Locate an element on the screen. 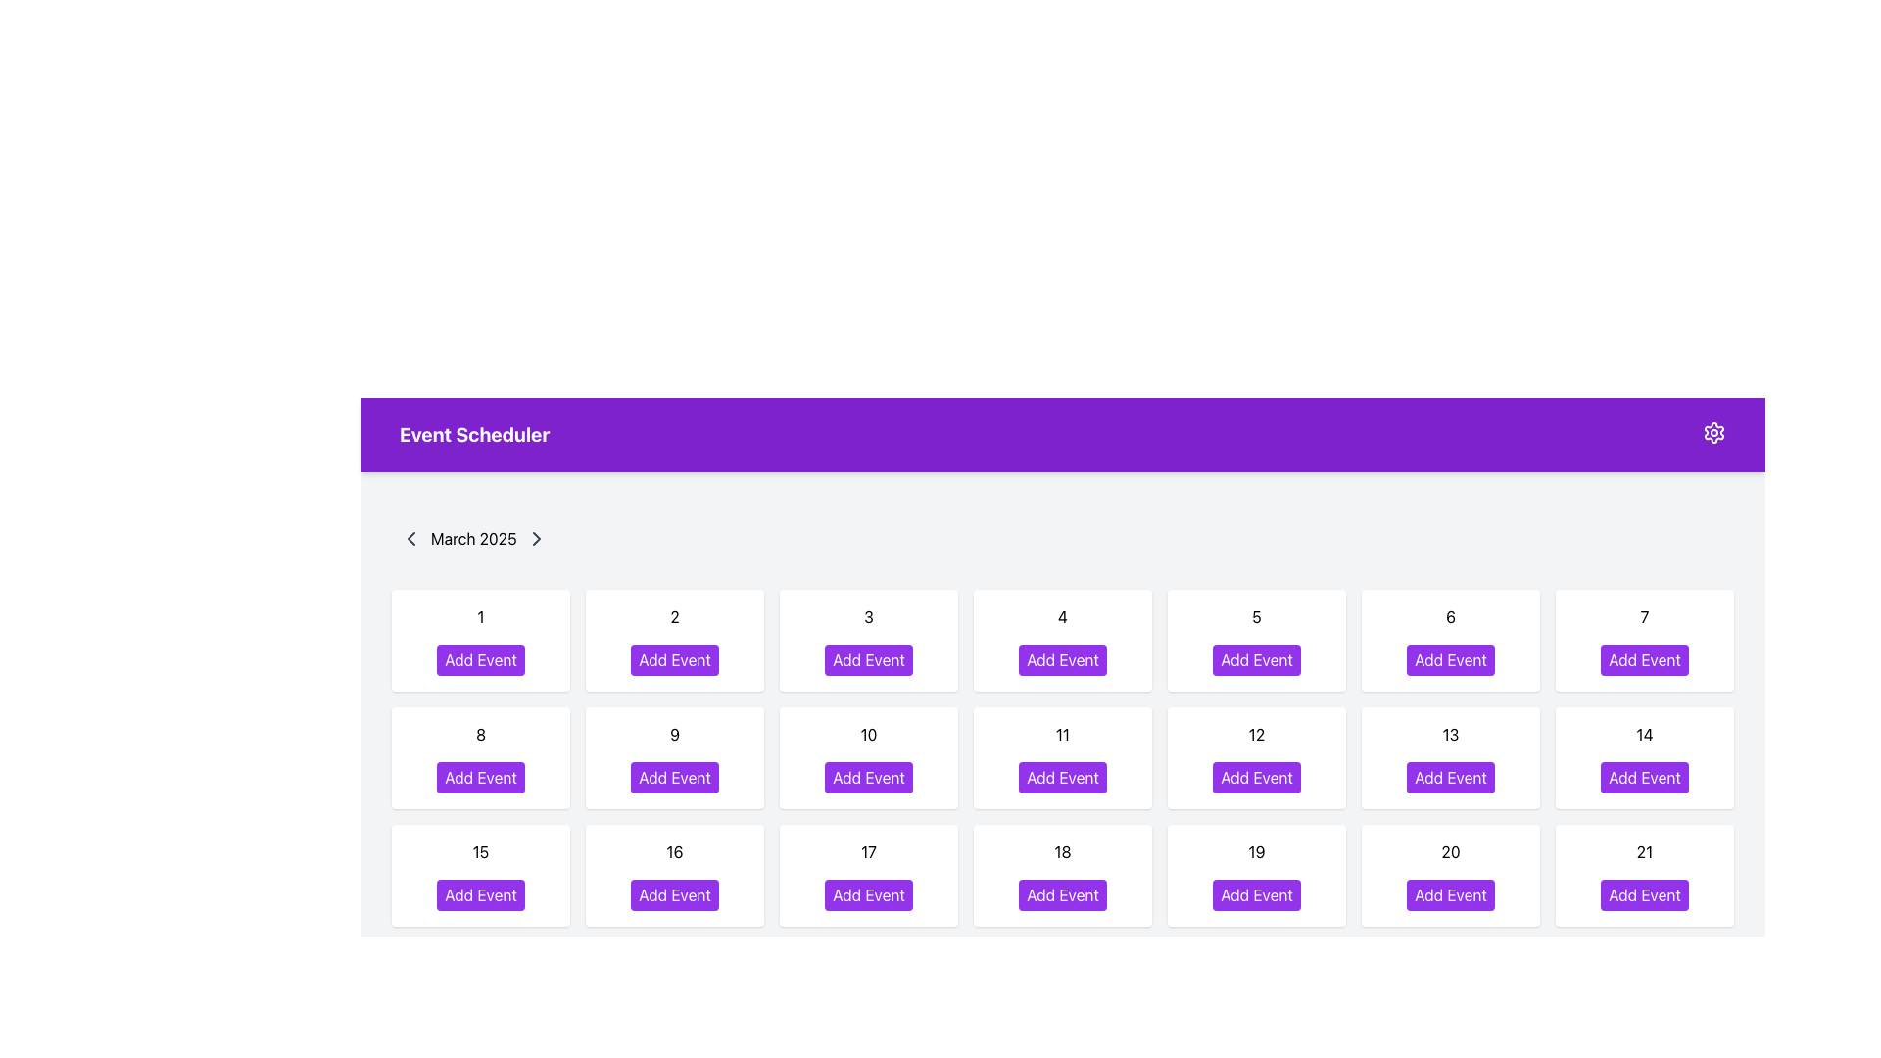 The height and width of the screenshot is (1058, 1881). the 'Add Event' button with white text on a purple background located in the 'Event Scheduler' calendar interface below the date number 7 to change its background color is located at coordinates (1645, 660).